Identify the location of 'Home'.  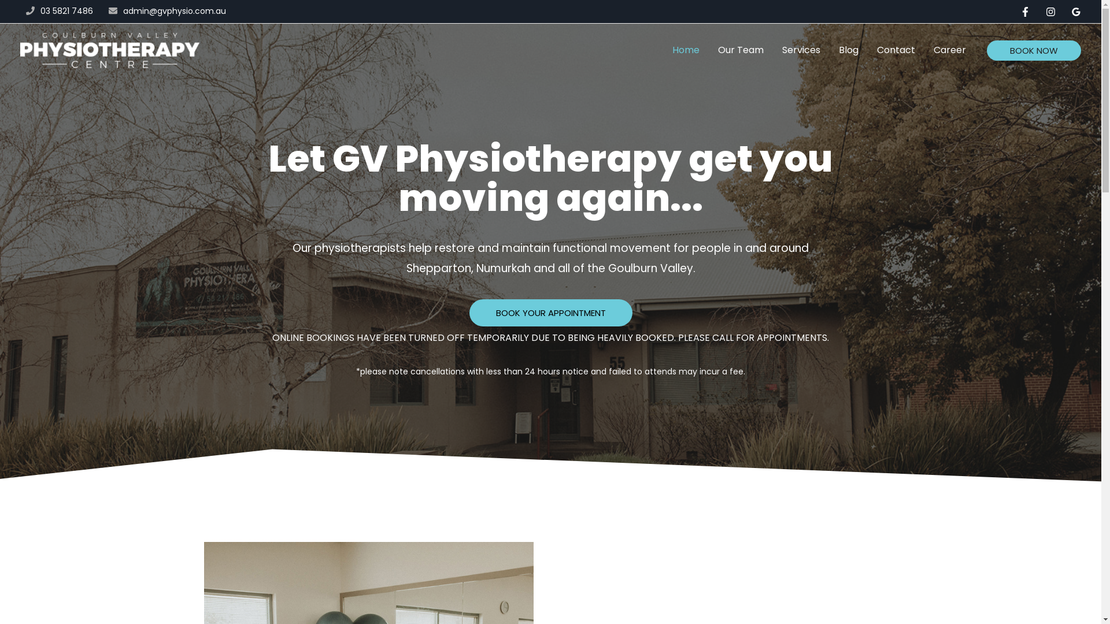
(686, 50).